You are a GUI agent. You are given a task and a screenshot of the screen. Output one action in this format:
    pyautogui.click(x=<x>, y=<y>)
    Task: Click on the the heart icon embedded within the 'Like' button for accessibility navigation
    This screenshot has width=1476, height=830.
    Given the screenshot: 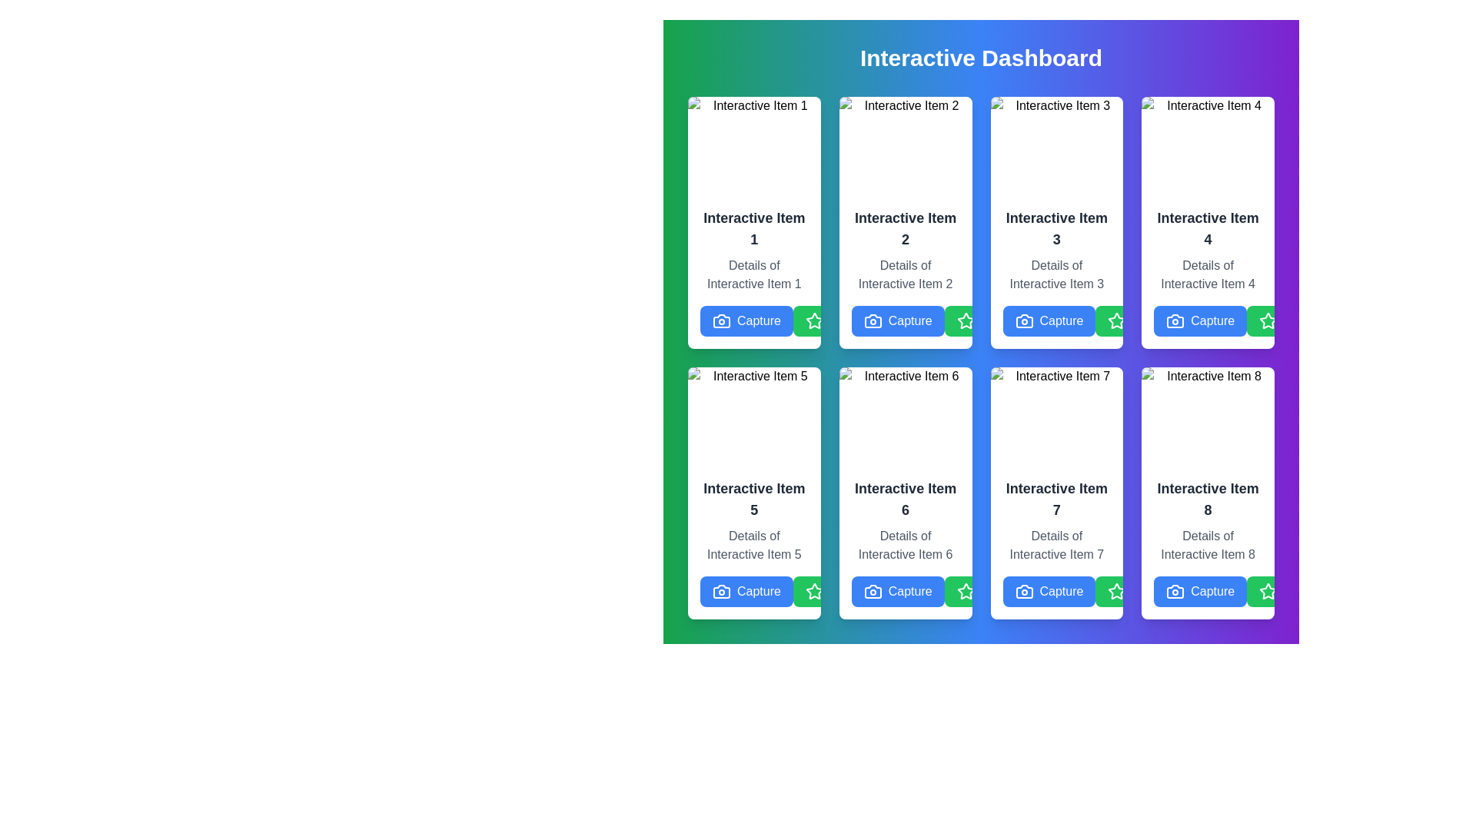 What is the action you would take?
    pyautogui.click(x=908, y=591)
    